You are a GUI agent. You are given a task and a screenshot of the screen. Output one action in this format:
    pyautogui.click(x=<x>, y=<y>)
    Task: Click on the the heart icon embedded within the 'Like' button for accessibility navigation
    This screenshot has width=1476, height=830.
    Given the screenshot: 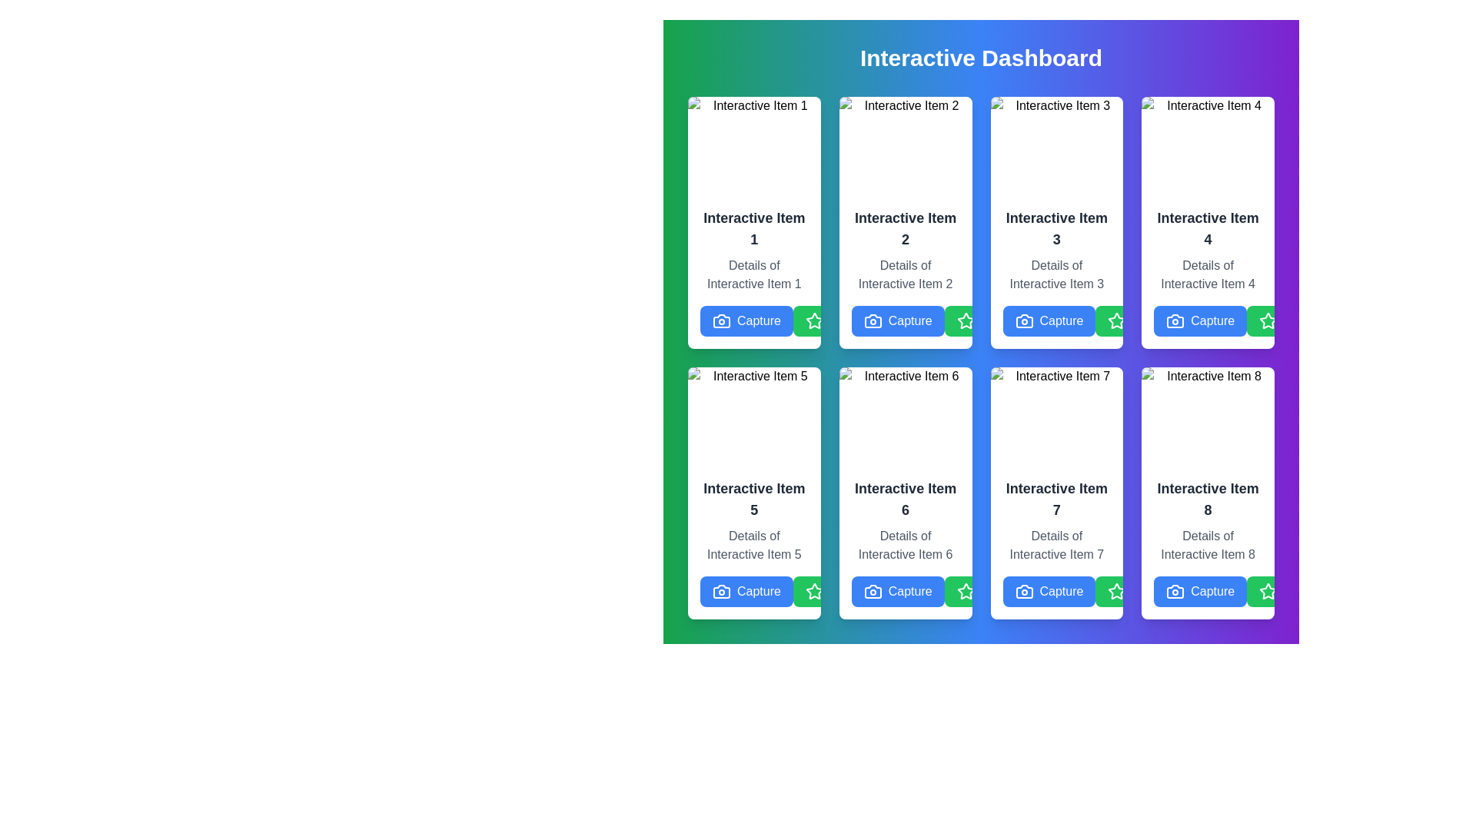 What is the action you would take?
    pyautogui.click(x=908, y=591)
    